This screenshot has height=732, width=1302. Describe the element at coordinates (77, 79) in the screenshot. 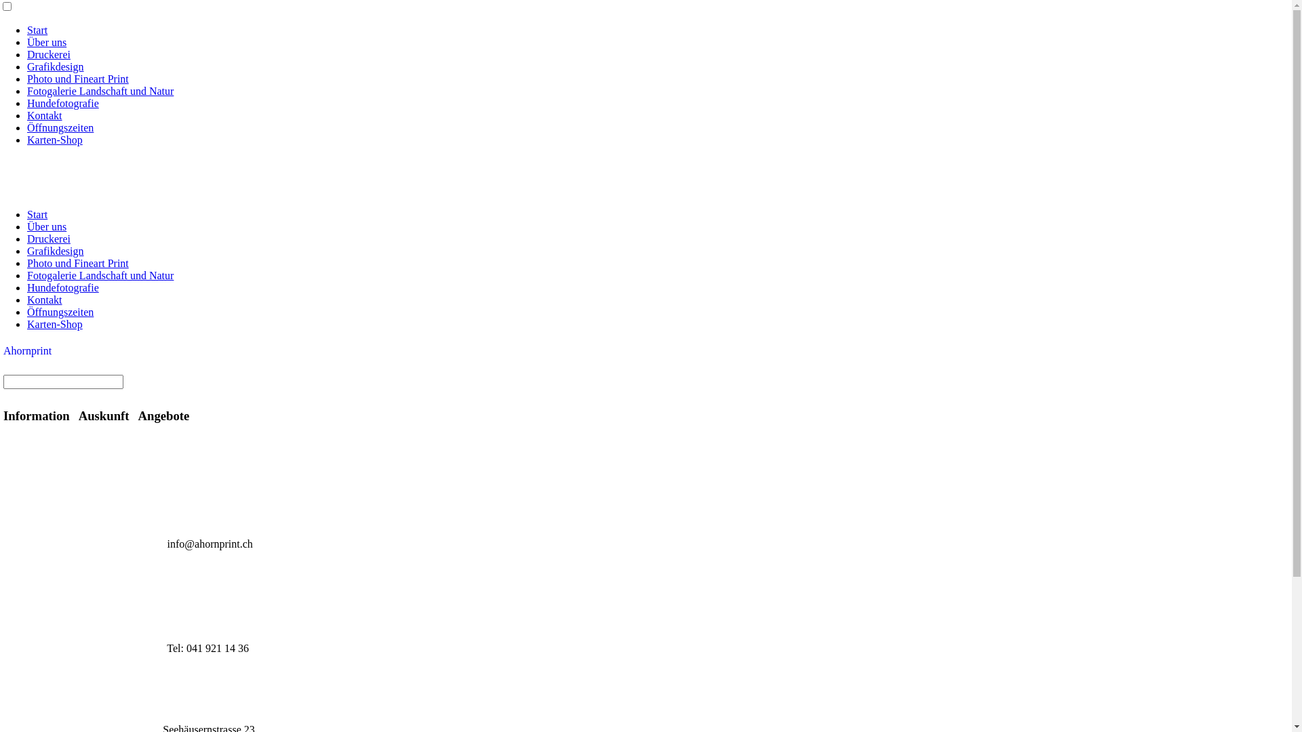

I see `'Photo und Fineart Print'` at that location.